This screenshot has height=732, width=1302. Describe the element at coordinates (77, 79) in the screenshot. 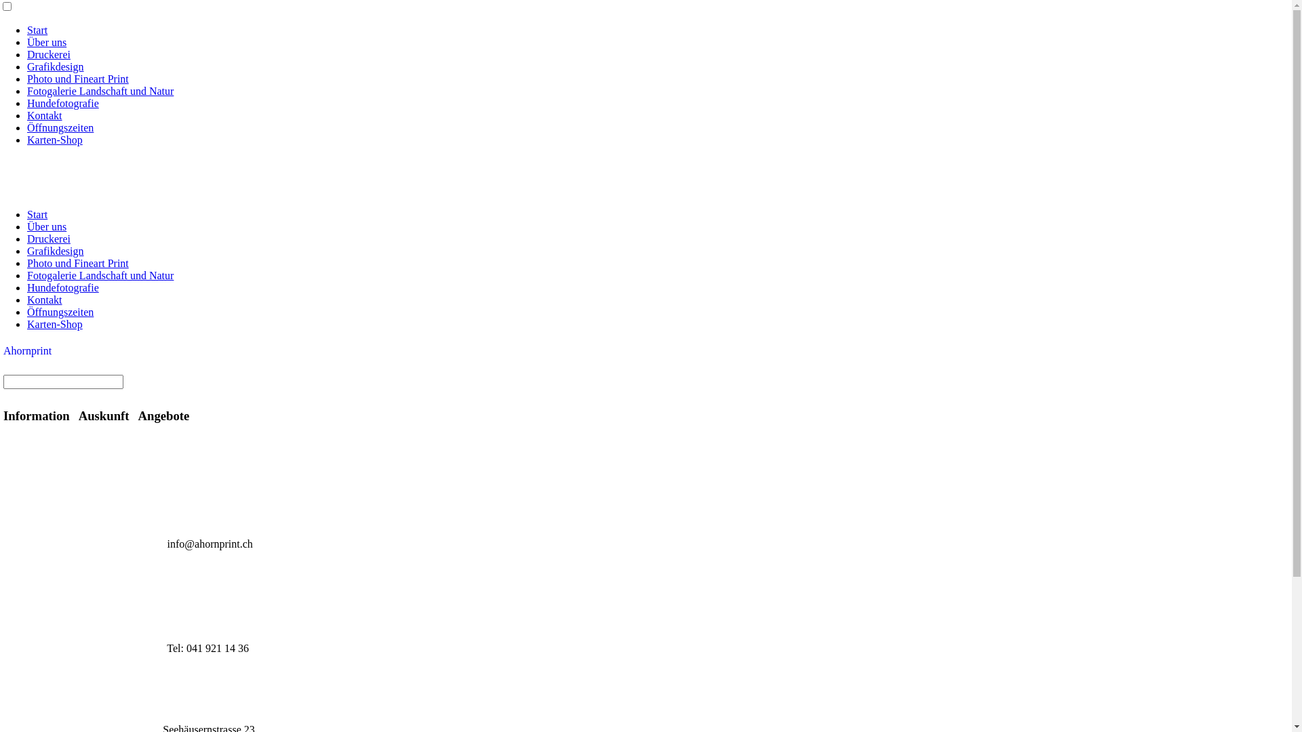

I see `'Photo und Fineart Print'` at that location.